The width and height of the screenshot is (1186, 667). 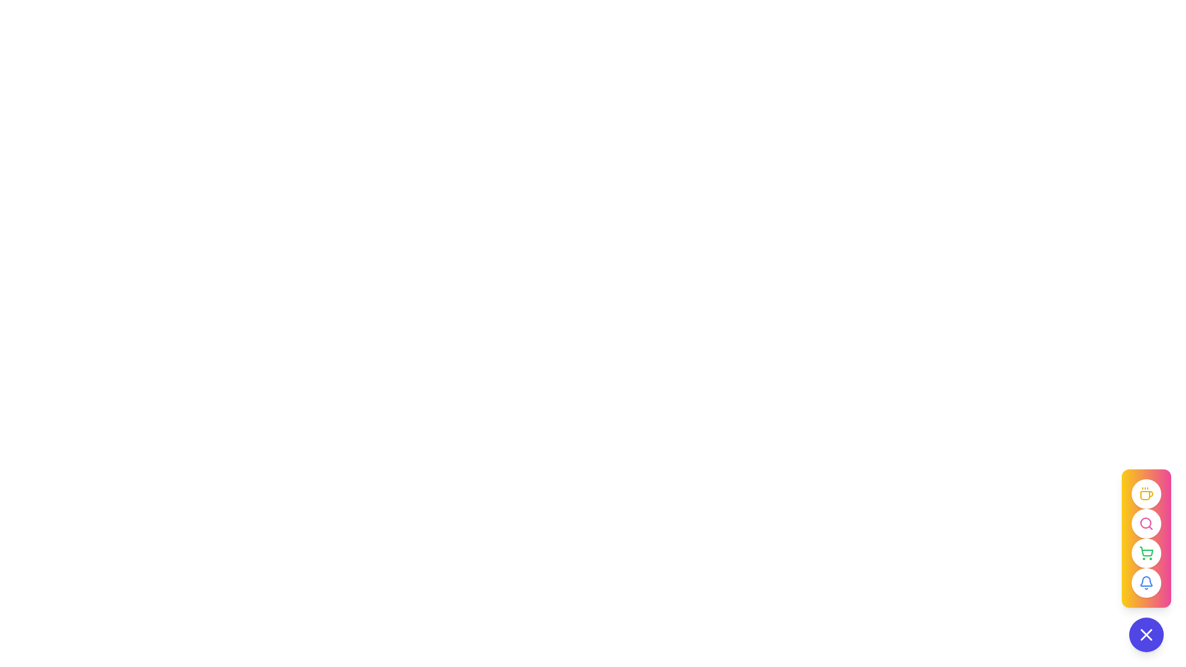 What do you see at coordinates (1146, 537) in the screenshot?
I see `the shopping cart icon button, which is the third circular button in a vertically stacked set` at bounding box center [1146, 537].